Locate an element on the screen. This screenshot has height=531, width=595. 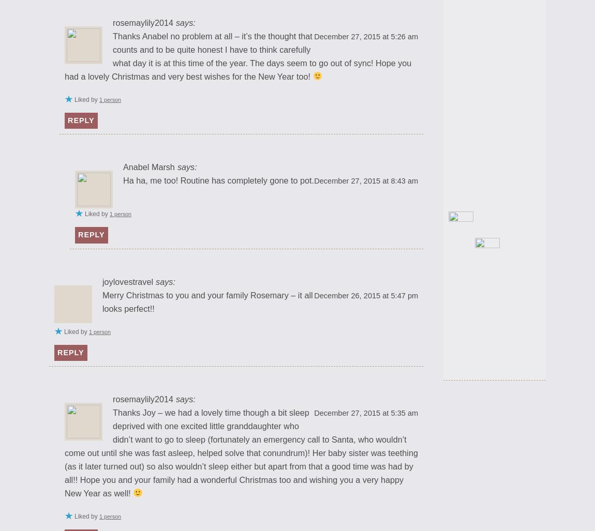
'Ha ha, me too! Routine has completely gone to pot.' is located at coordinates (218, 180).